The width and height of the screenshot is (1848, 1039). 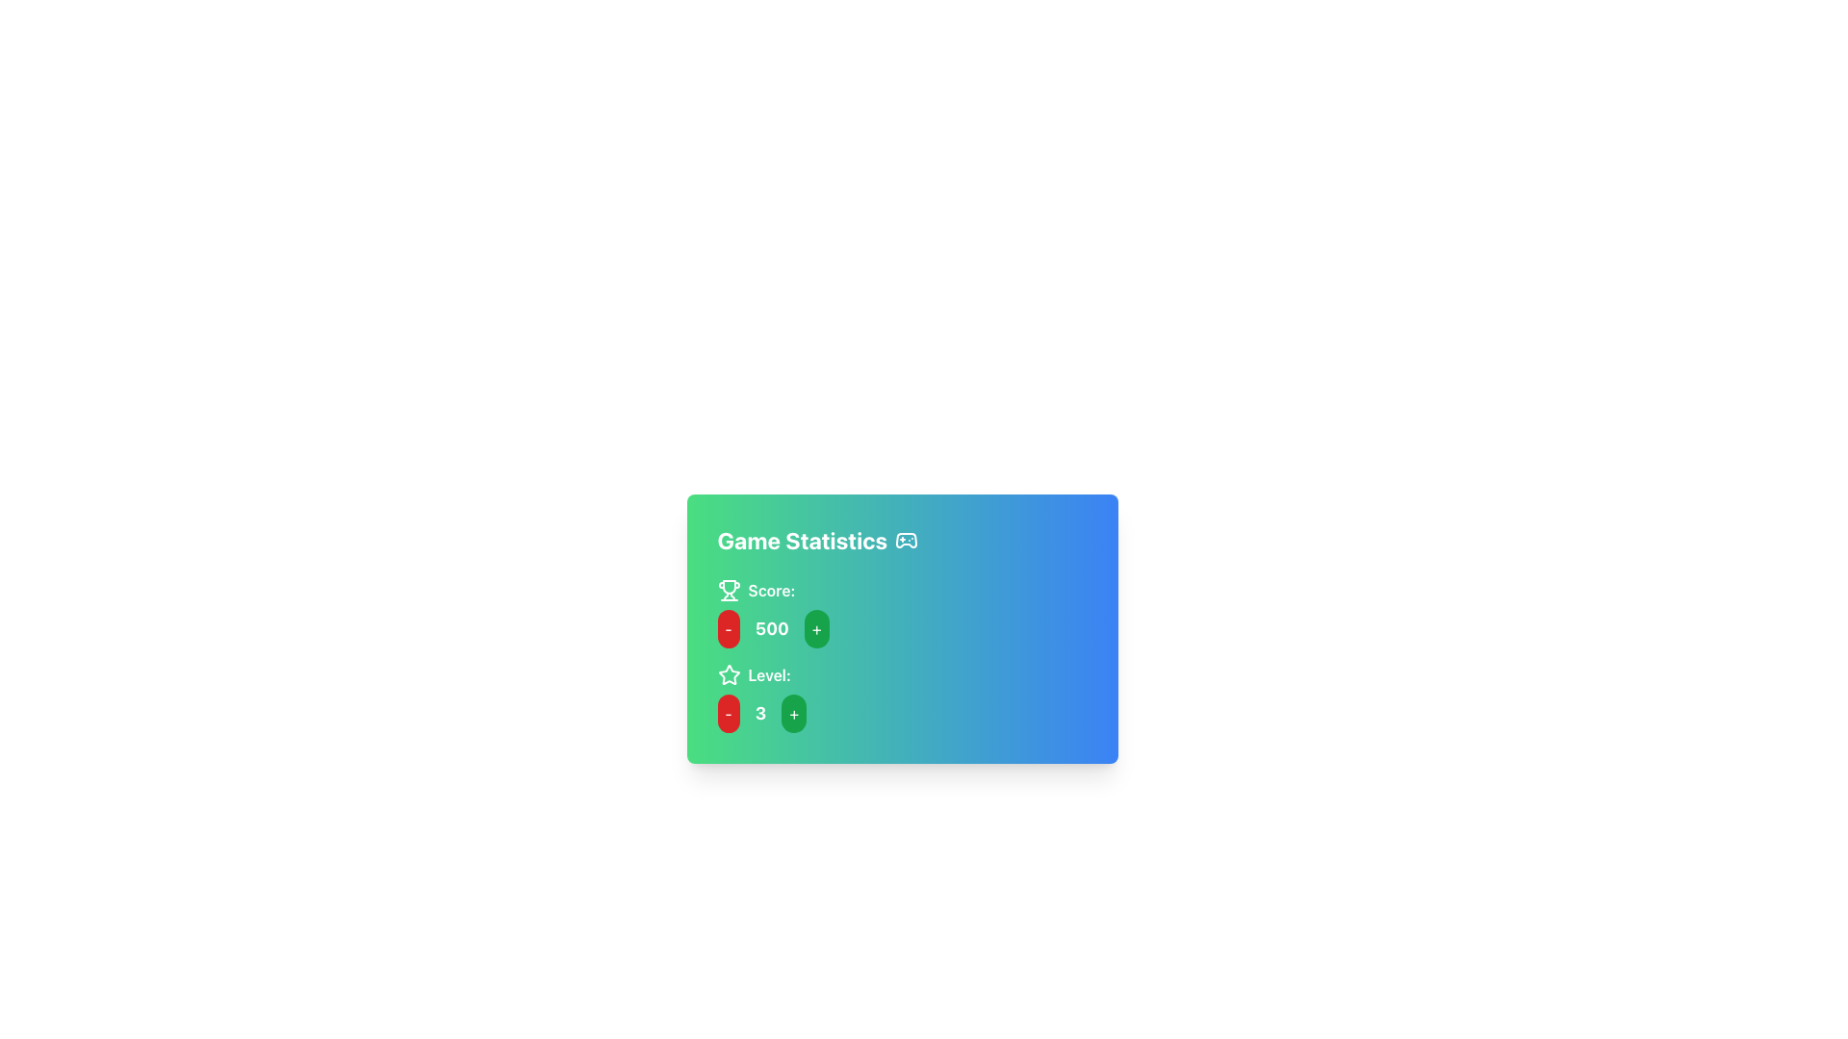 What do you see at coordinates (759, 713) in the screenshot?
I see `value displayed as a bold numeral '3' in the Static Text, which is centrally positioned under the subheading 'Level' between the red '-' button and the green '+' button` at bounding box center [759, 713].